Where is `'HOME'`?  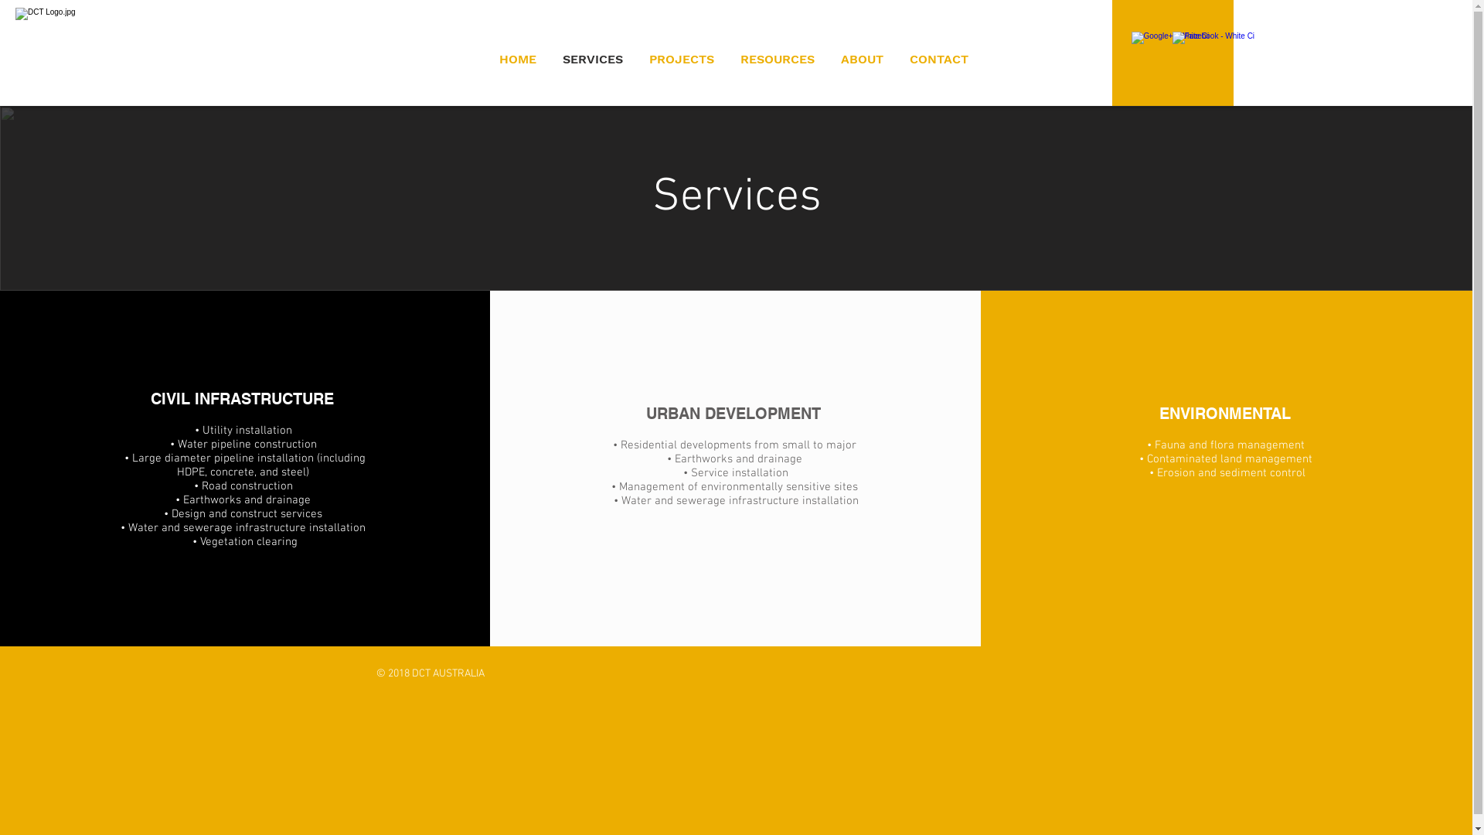
'HOME' is located at coordinates (485, 58).